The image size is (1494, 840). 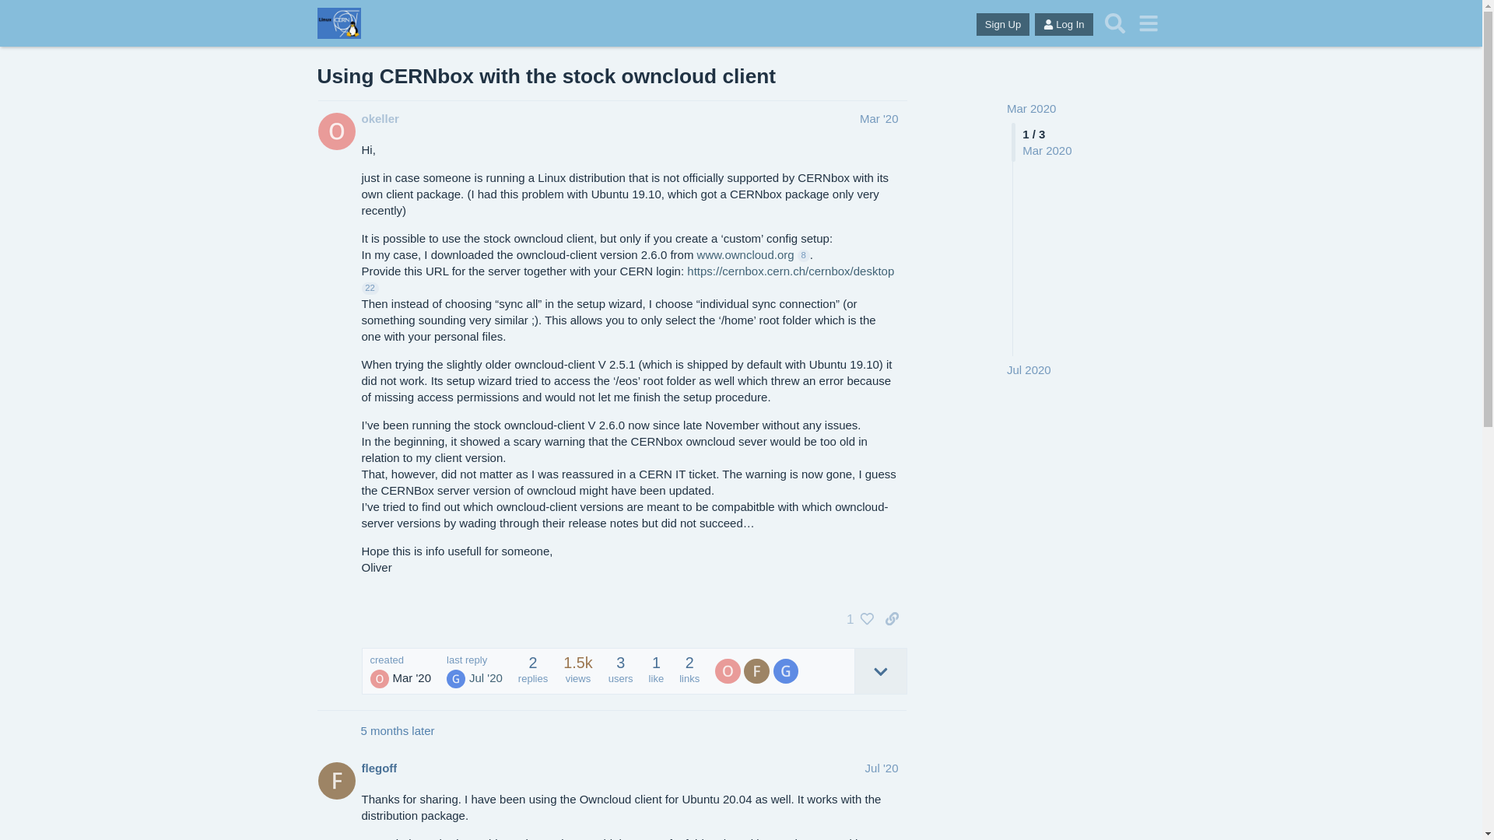 What do you see at coordinates (753, 254) in the screenshot?
I see `'www.owncloud.org 8'` at bounding box center [753, 254].